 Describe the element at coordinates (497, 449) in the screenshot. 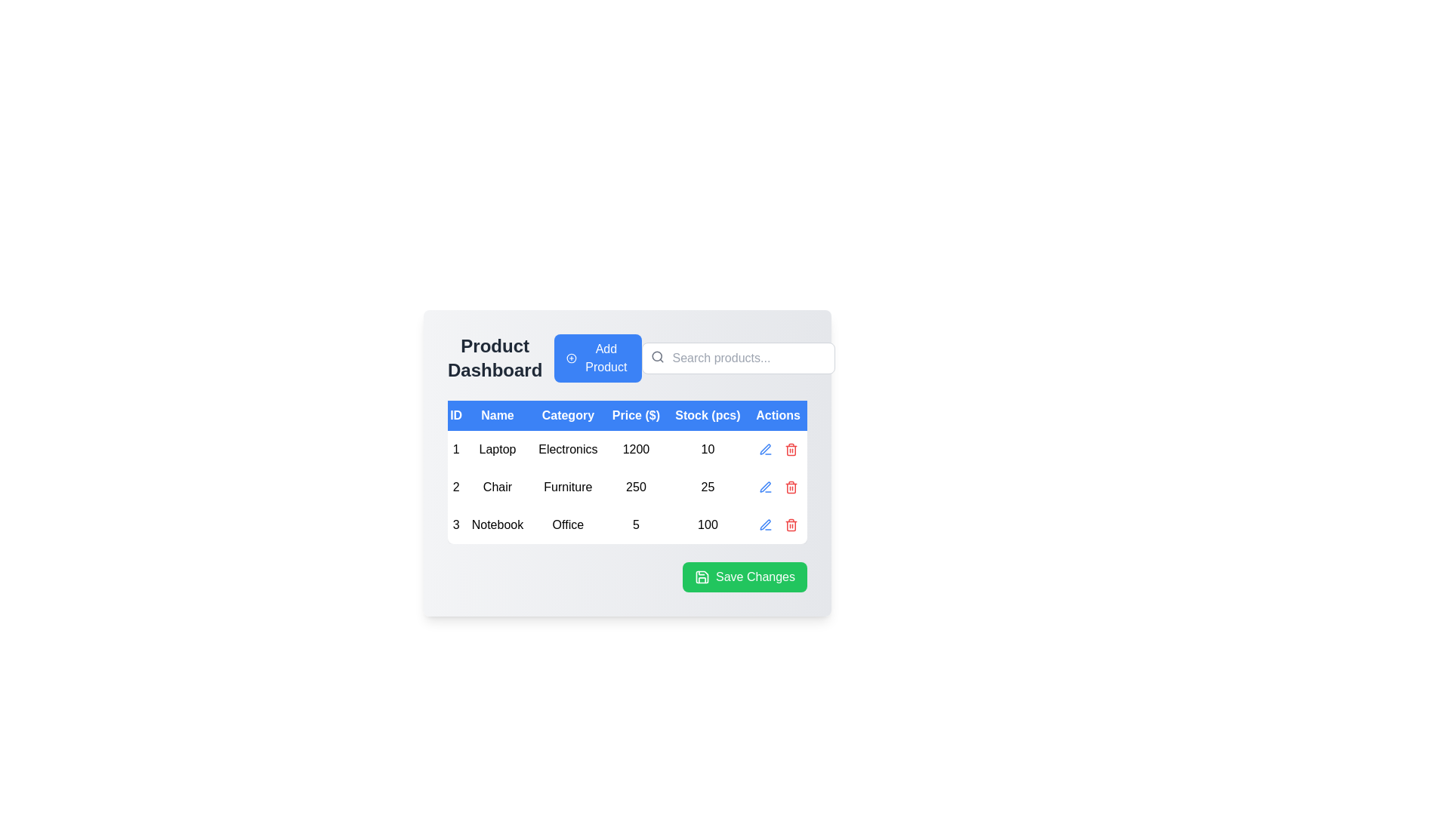

I see `the static text label displaying 'Laptop' located in the first row and second column of the table under the 'Name' header` at that location.